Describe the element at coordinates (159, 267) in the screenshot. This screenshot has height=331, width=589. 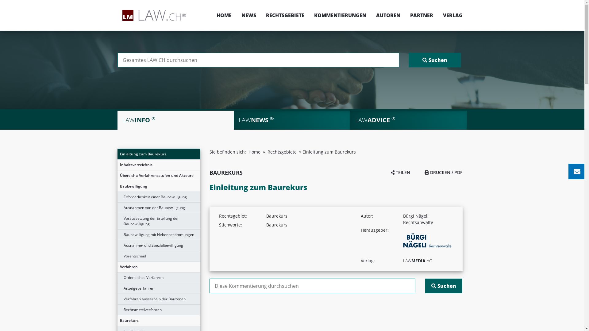
I see `'Verfahren'` at that location.